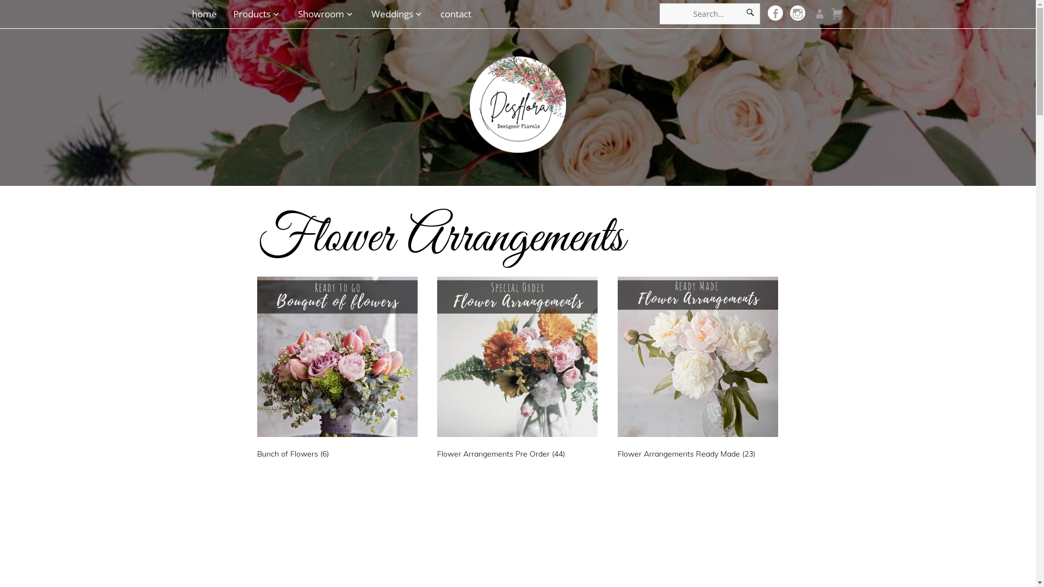 This screenshot has height=587, width=1044. I want to click on 'Showroom', so click(326, 14).